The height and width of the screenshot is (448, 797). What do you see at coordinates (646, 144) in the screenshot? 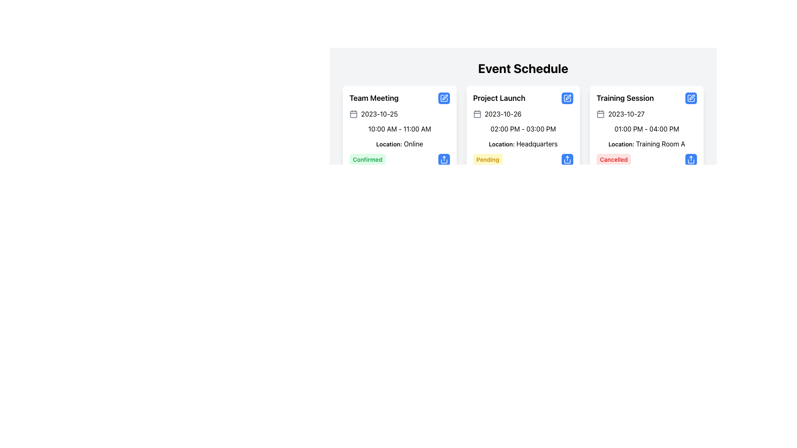
I see `information displayed in the text label that shows 'Location: Training Room A', which is located in the lower portion of the card titled 'Training Session'` at bounding box center [646, 144].